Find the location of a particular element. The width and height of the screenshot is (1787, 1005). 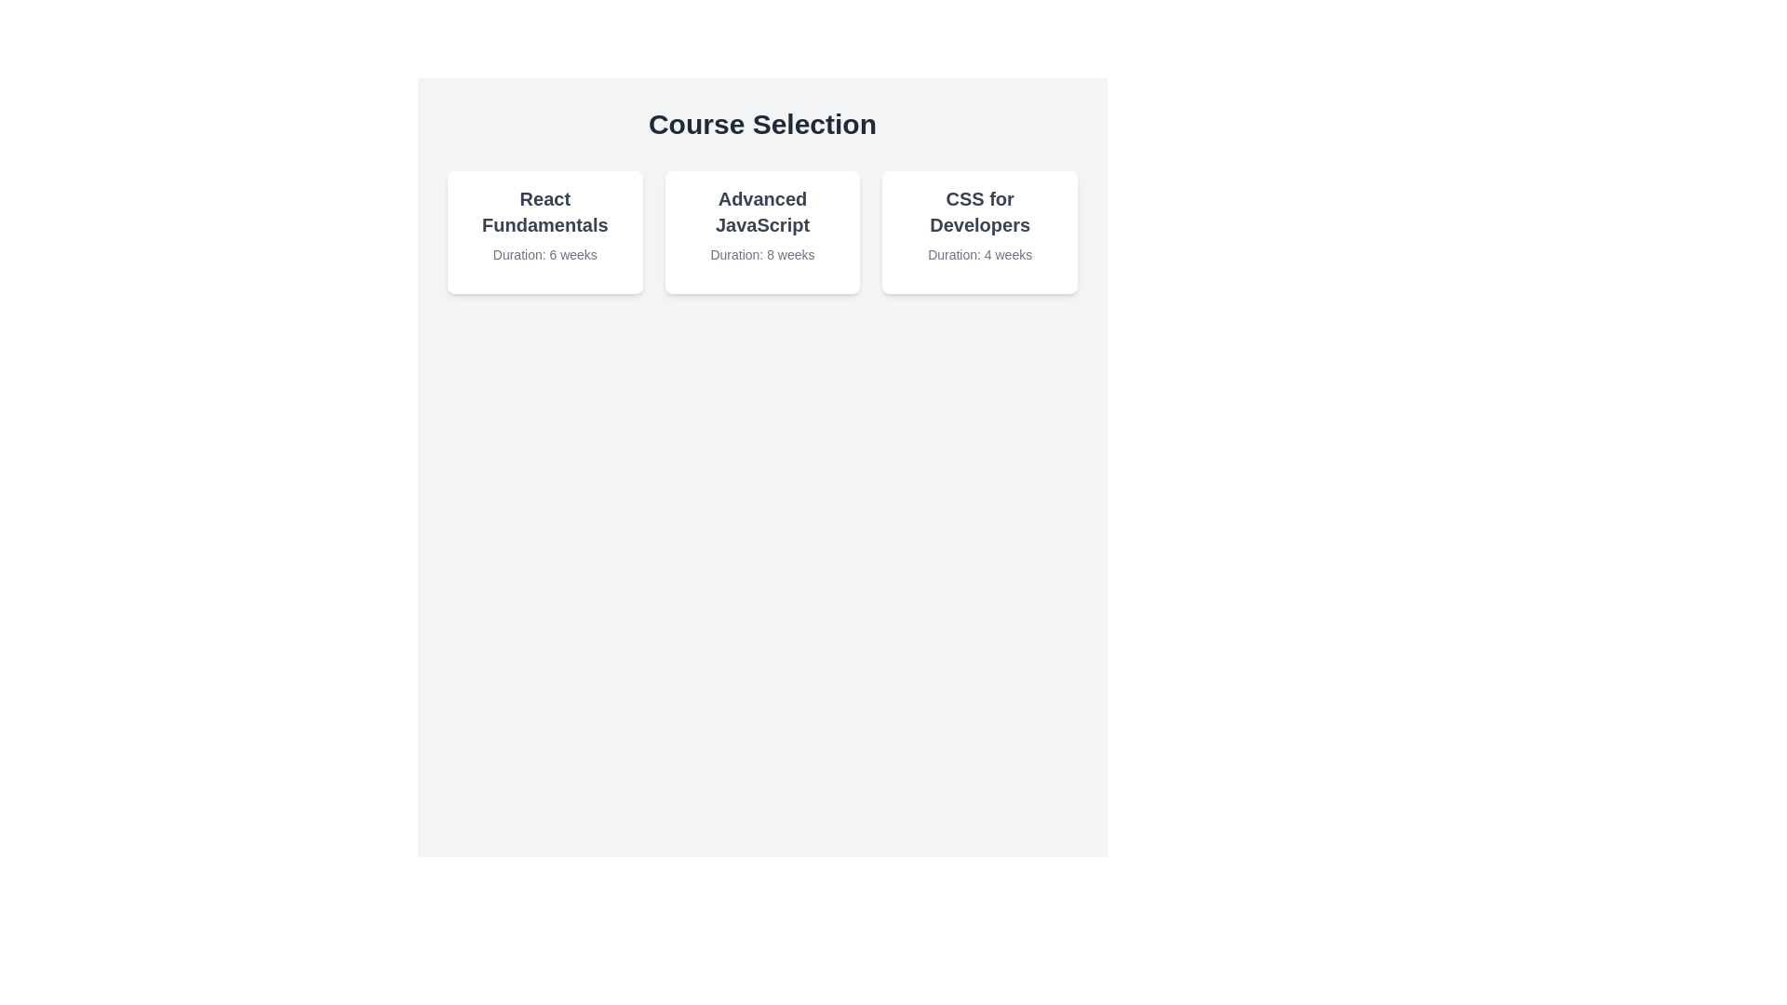

text content of the 'Advanced JavaScript' title label, which is displayed in bold, larger font and is positioned in the upper portion of the middle card is located at coordinates (762, 210).